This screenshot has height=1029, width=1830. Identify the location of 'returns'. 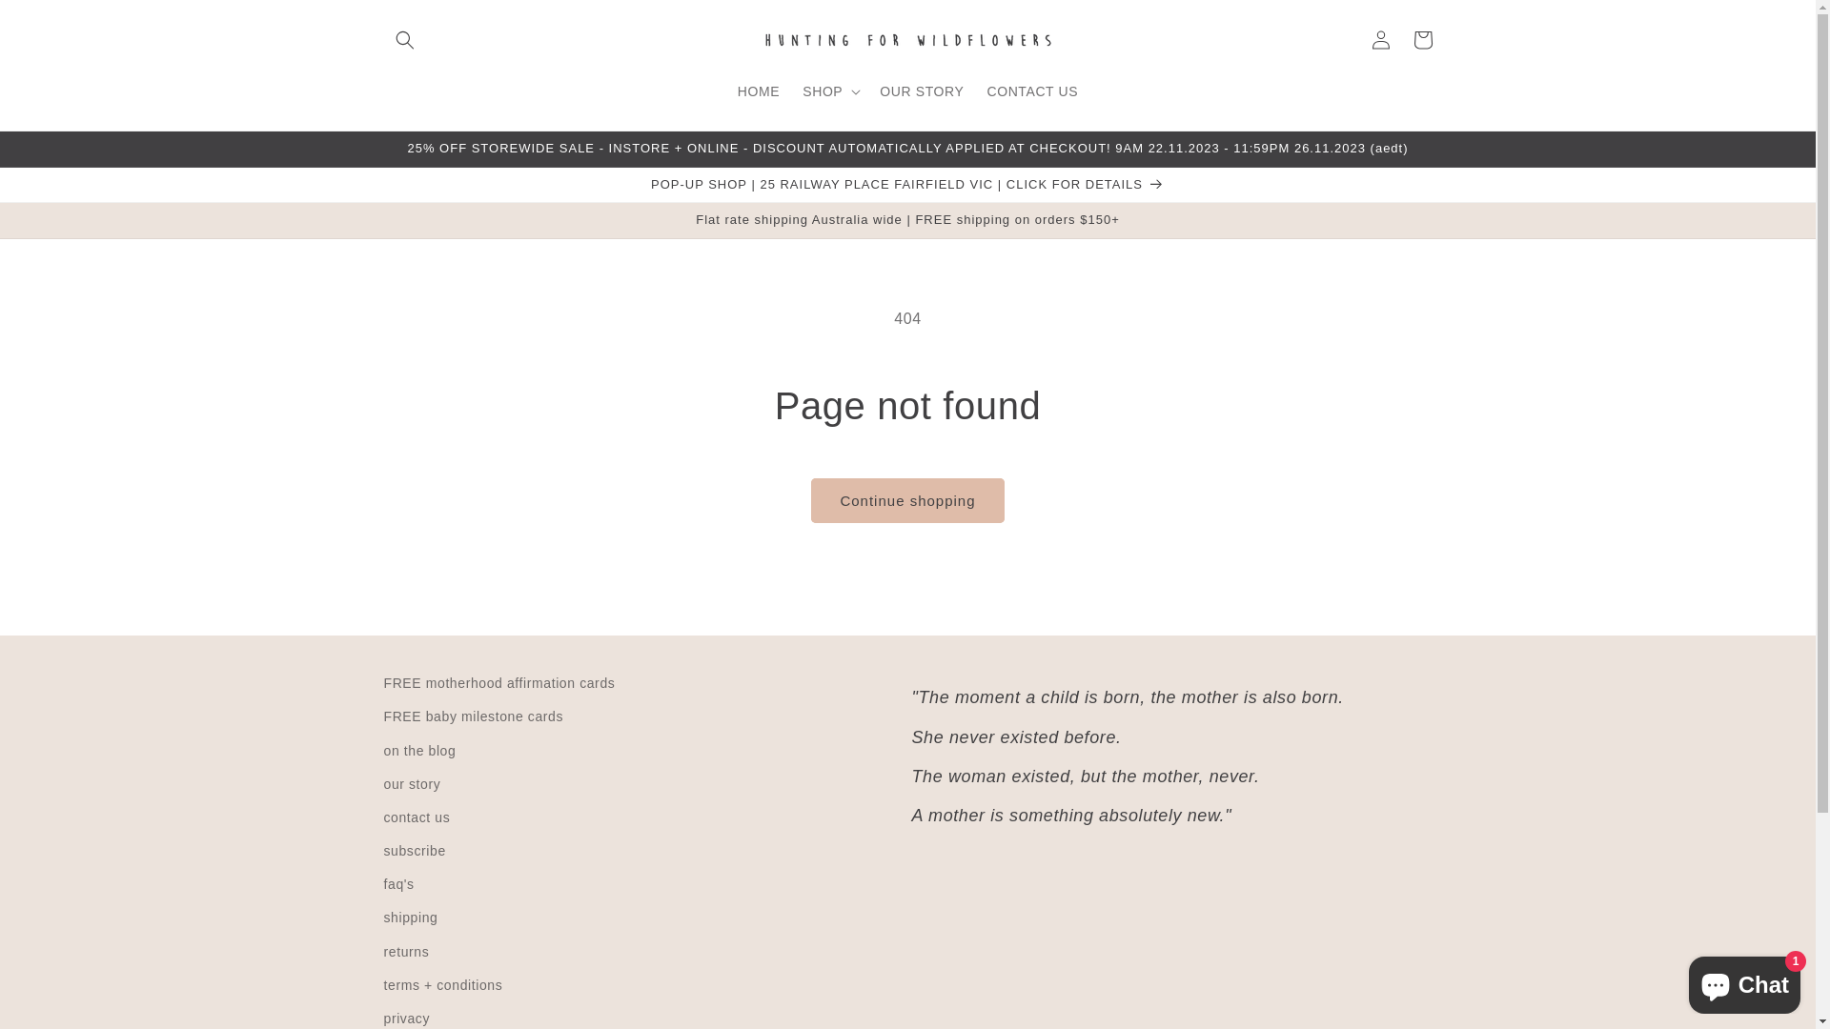
(405, 952).